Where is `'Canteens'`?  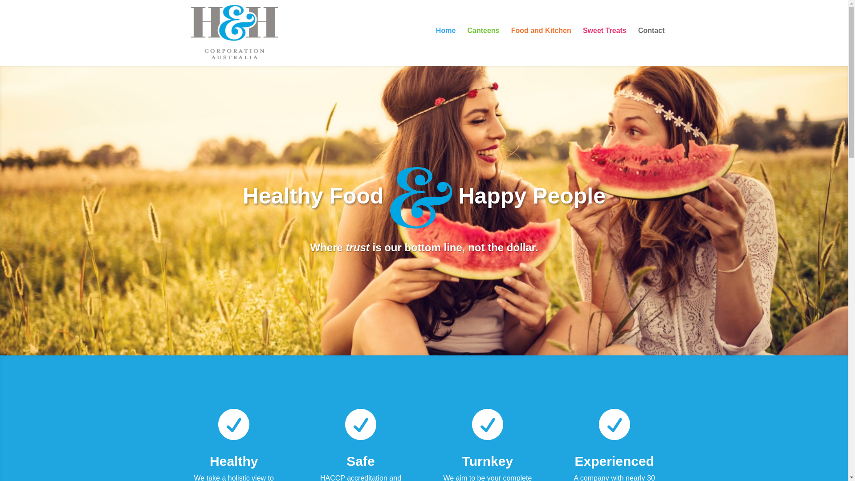
'Canteens' is located at coordinates (467, 45).